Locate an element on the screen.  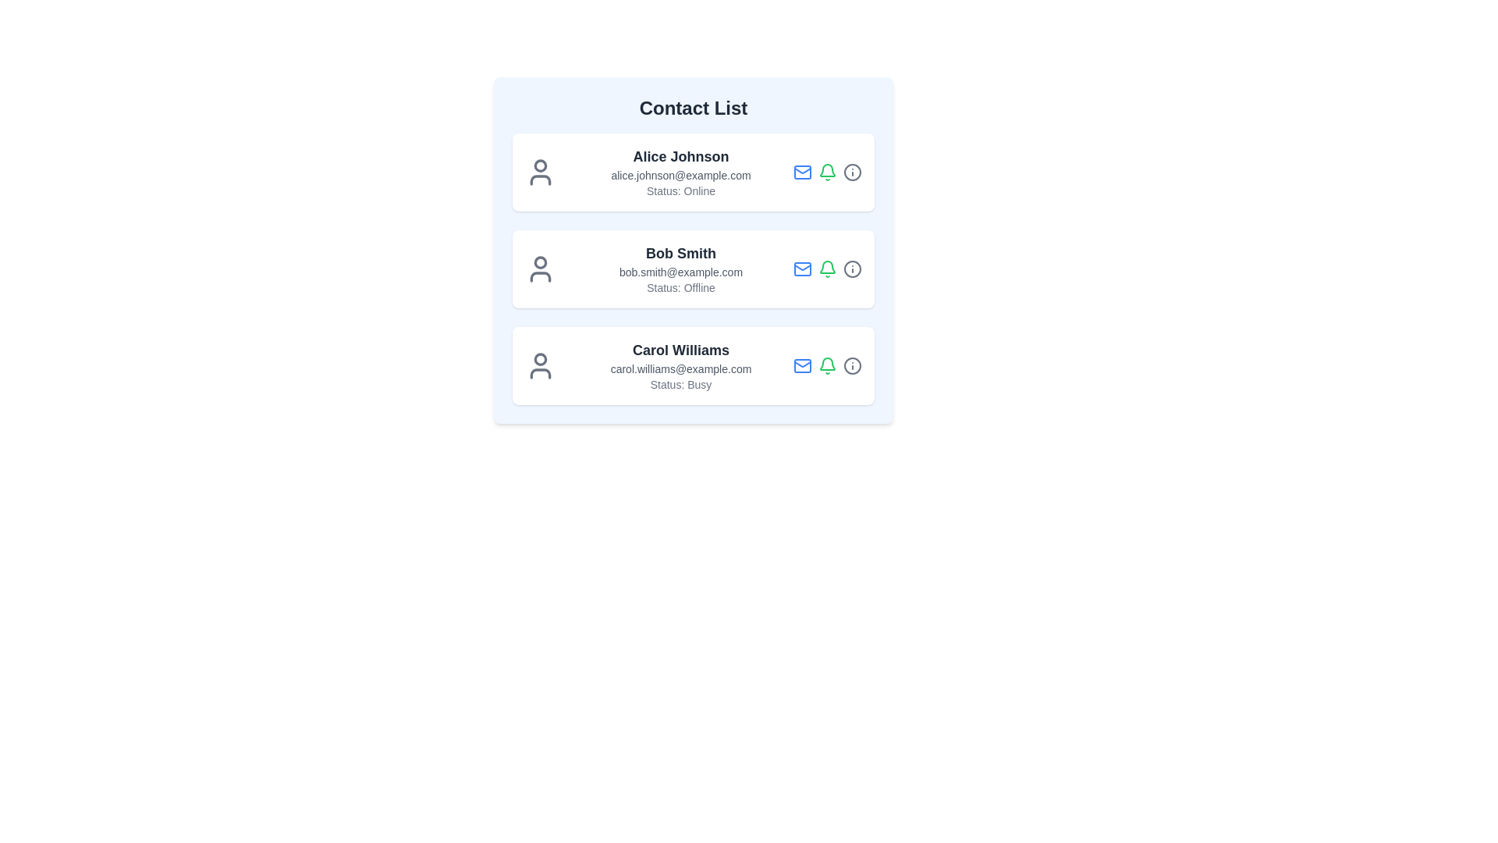
the Bell icon in the contact list is located at coordinates (826, 172).